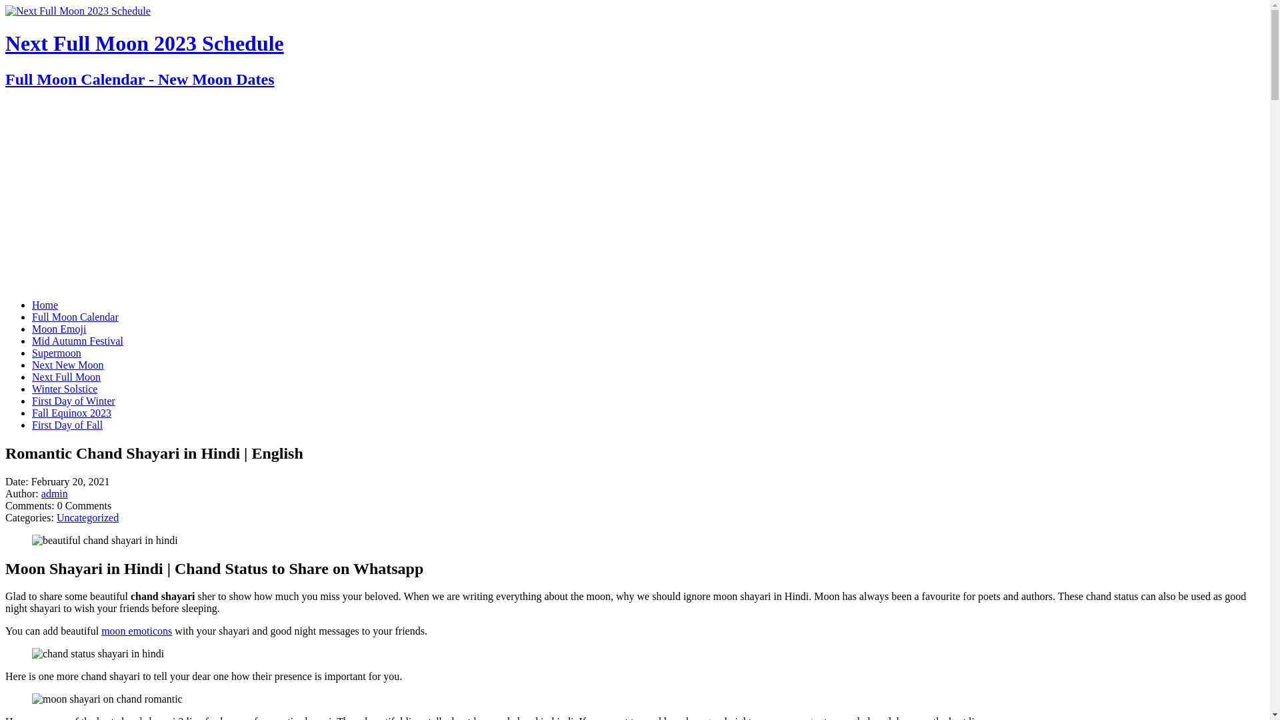 This screenshot has height=720, width=1280. What do you see at coordinates (66, 425) in the screenshot?
I see `'First Day of Fall'` at bounding box center [66, 425].